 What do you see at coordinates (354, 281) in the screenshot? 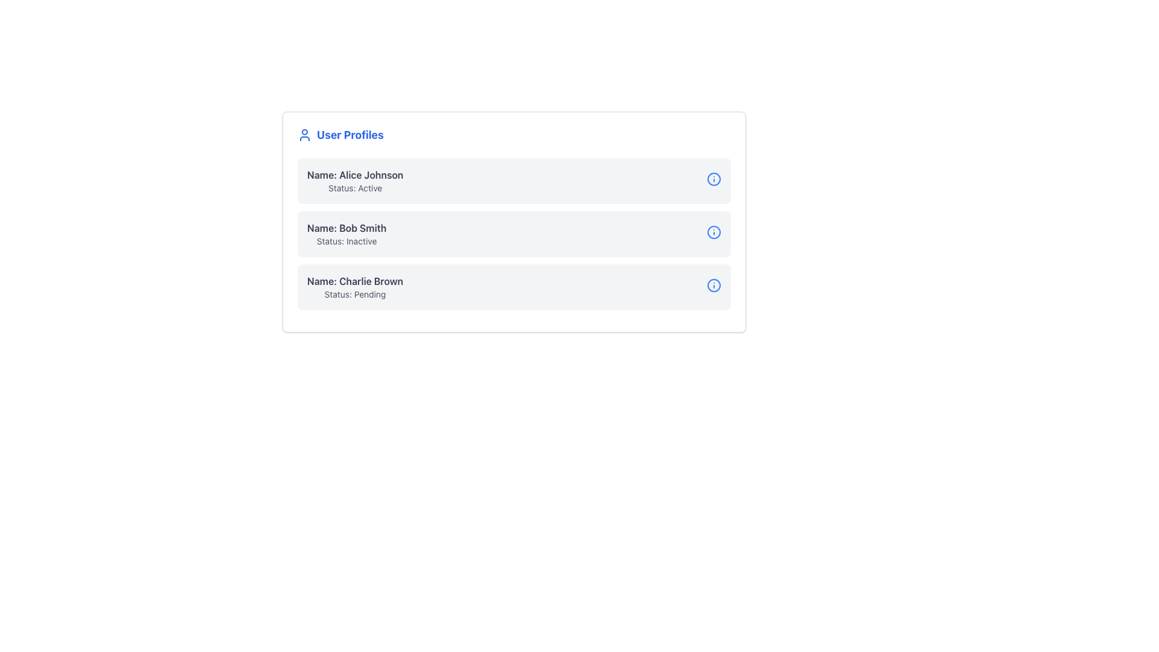
I see `the text label that provides the name of a user, located as the first line of text in the third entry of the vertically stacked list within the 'User Profiles' card` at bounding box center [354, 281].